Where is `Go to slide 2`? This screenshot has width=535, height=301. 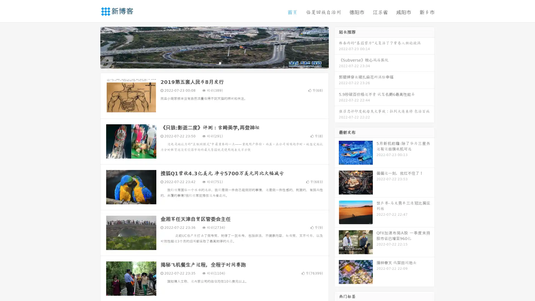
Go to slide 2 is located at coordinates (214, 63).